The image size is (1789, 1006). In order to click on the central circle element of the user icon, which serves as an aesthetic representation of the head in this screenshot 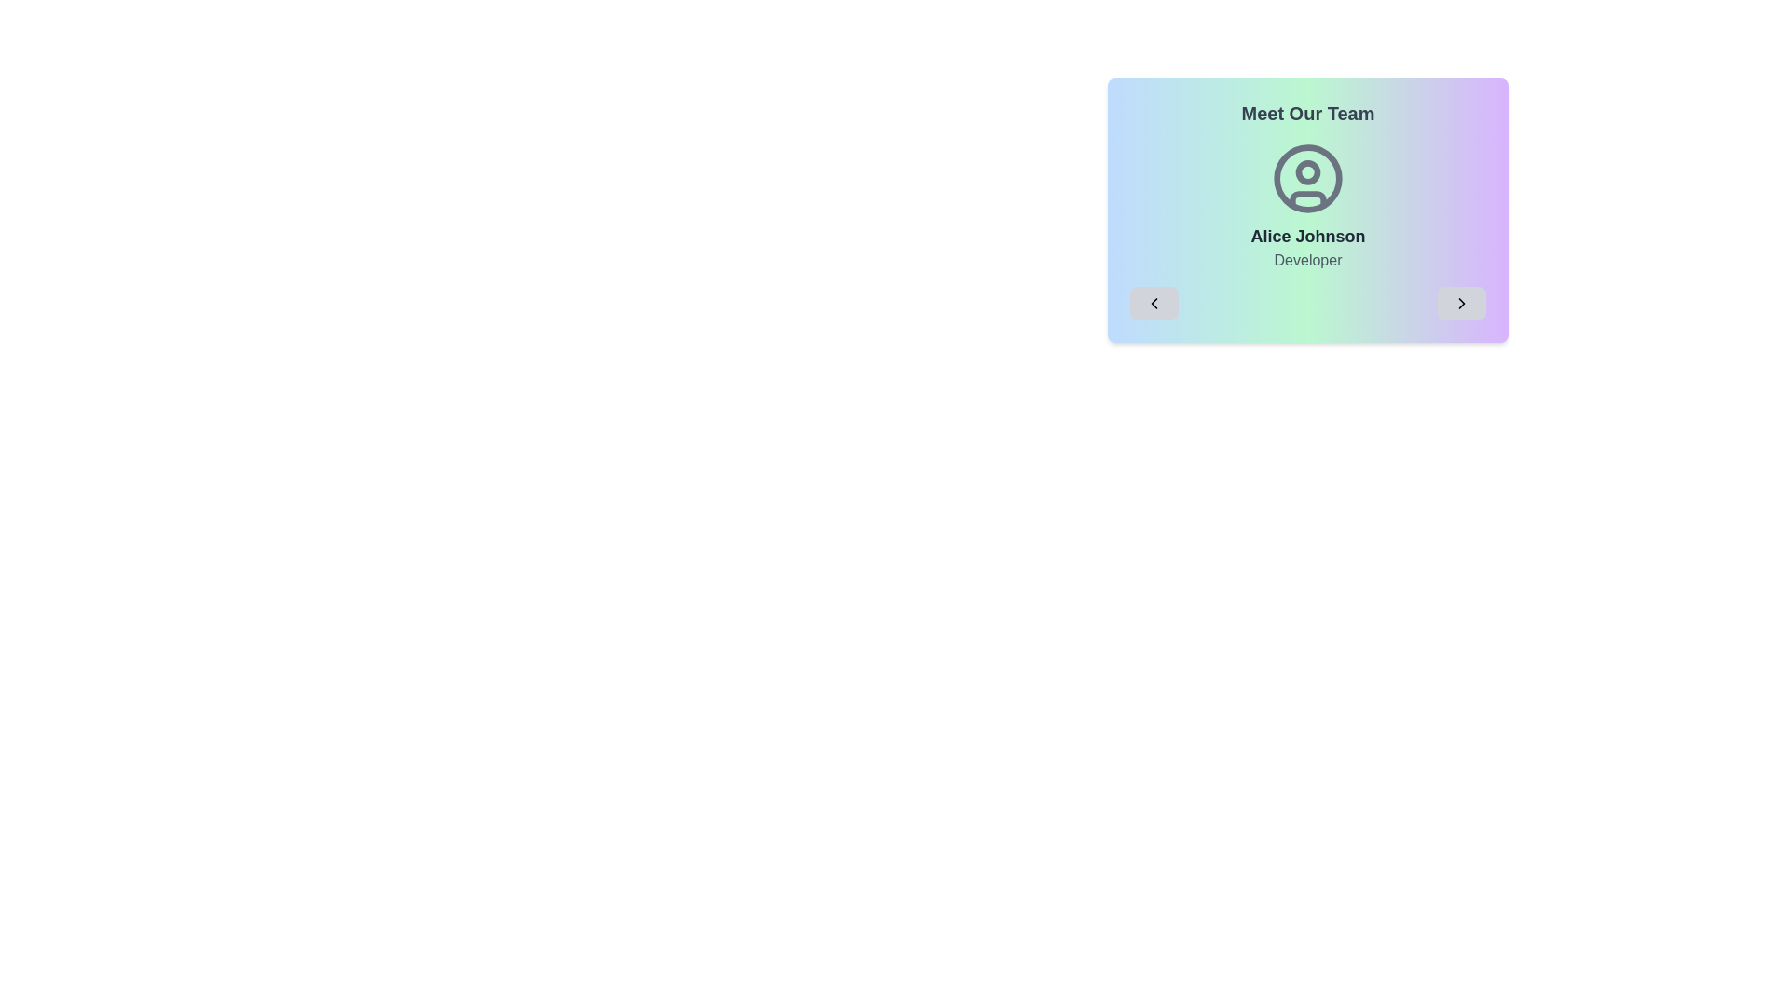, I will do `click(1306, 179)`.